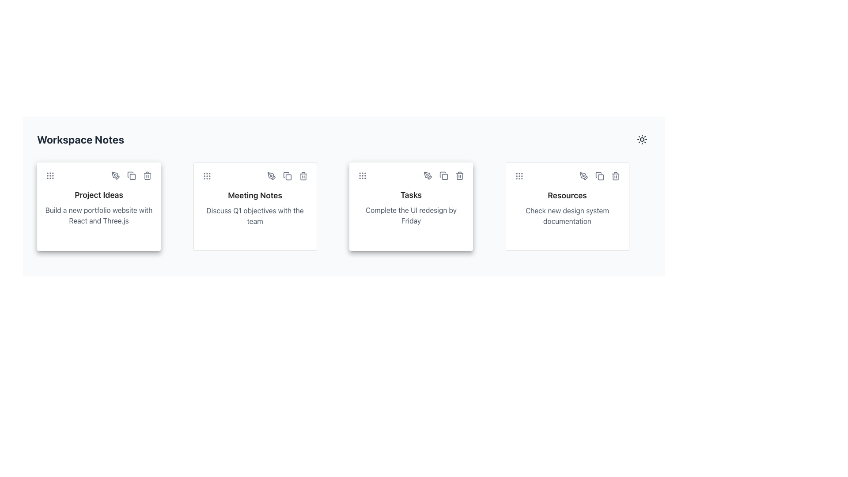 This screenshot has height=477, width=848. What do you see at coordinates (131, 175) in the screenshot?
I see `the copy icon button, which is represented by overlapping squares, located in the upper right of the 'Project Ideas' card` at bounding box center [131, 175].